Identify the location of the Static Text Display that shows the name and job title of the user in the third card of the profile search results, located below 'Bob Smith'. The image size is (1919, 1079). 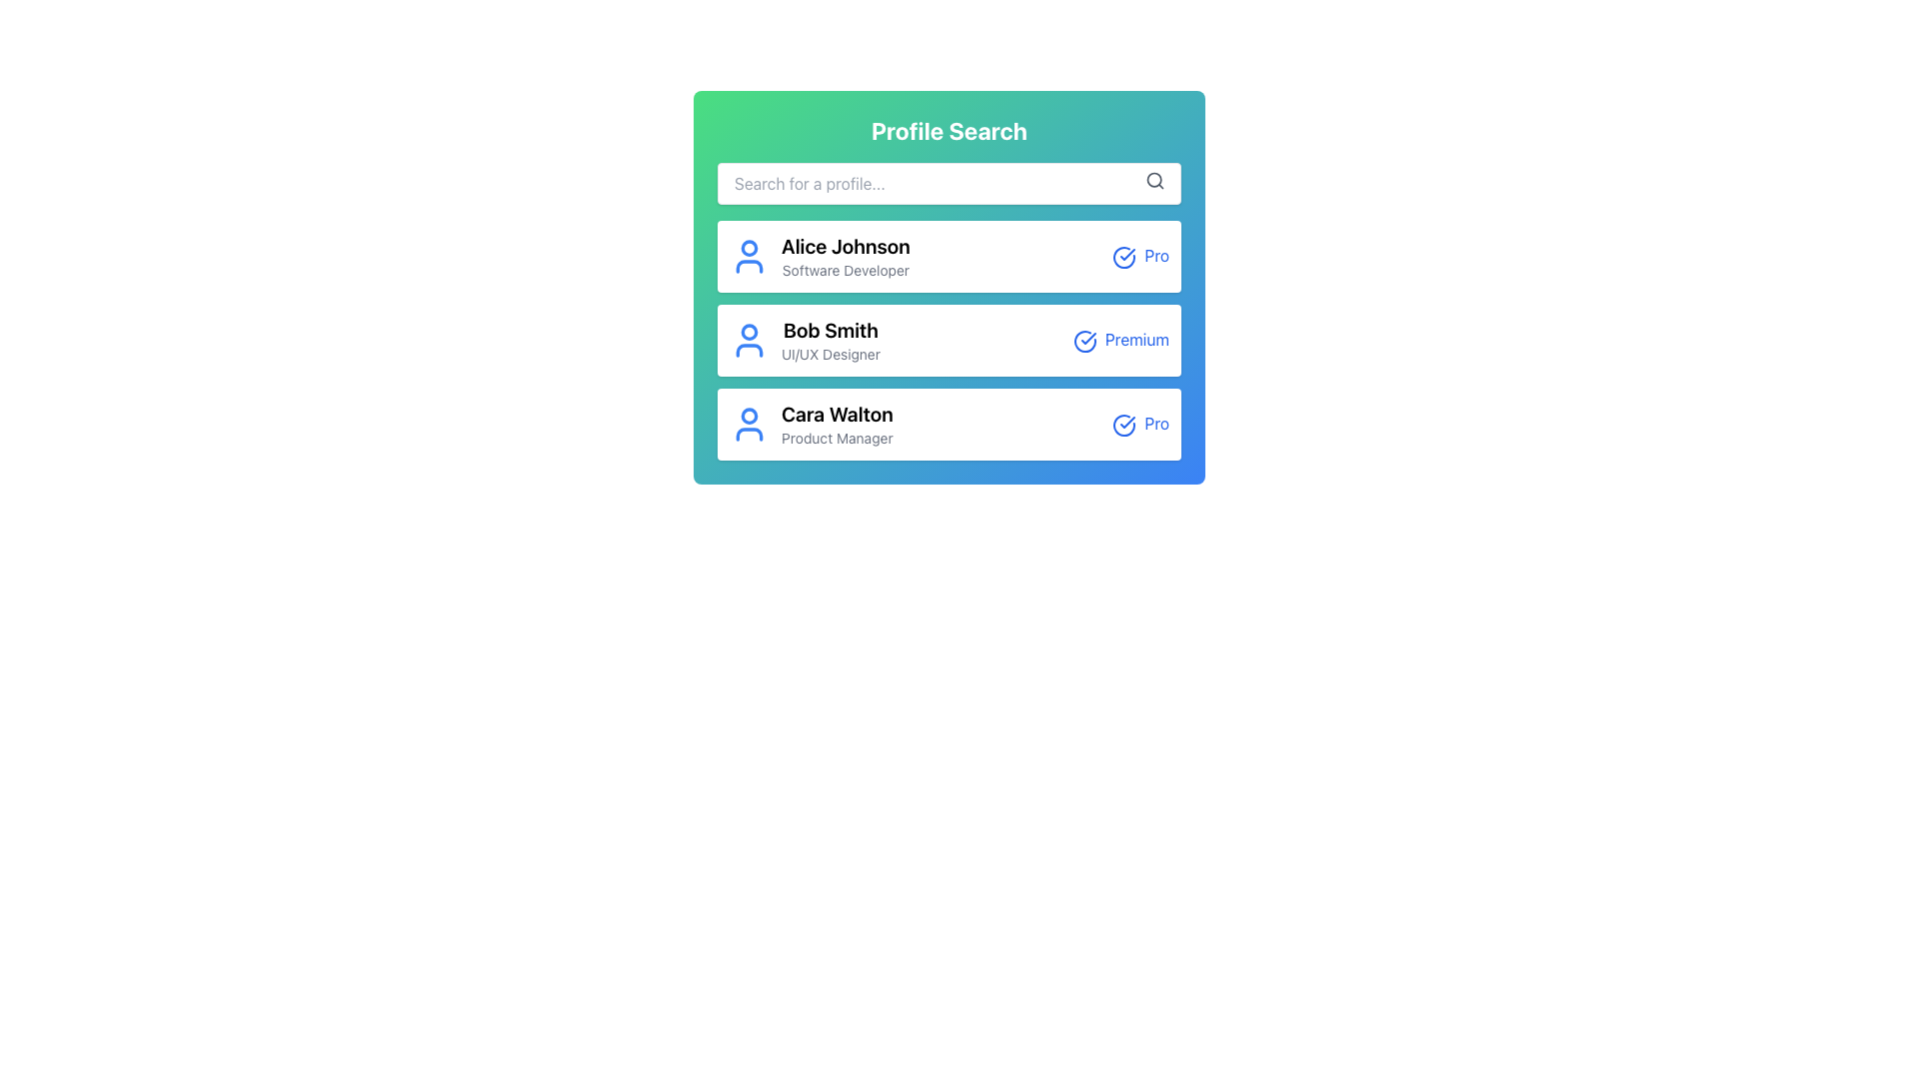
(837, 423).